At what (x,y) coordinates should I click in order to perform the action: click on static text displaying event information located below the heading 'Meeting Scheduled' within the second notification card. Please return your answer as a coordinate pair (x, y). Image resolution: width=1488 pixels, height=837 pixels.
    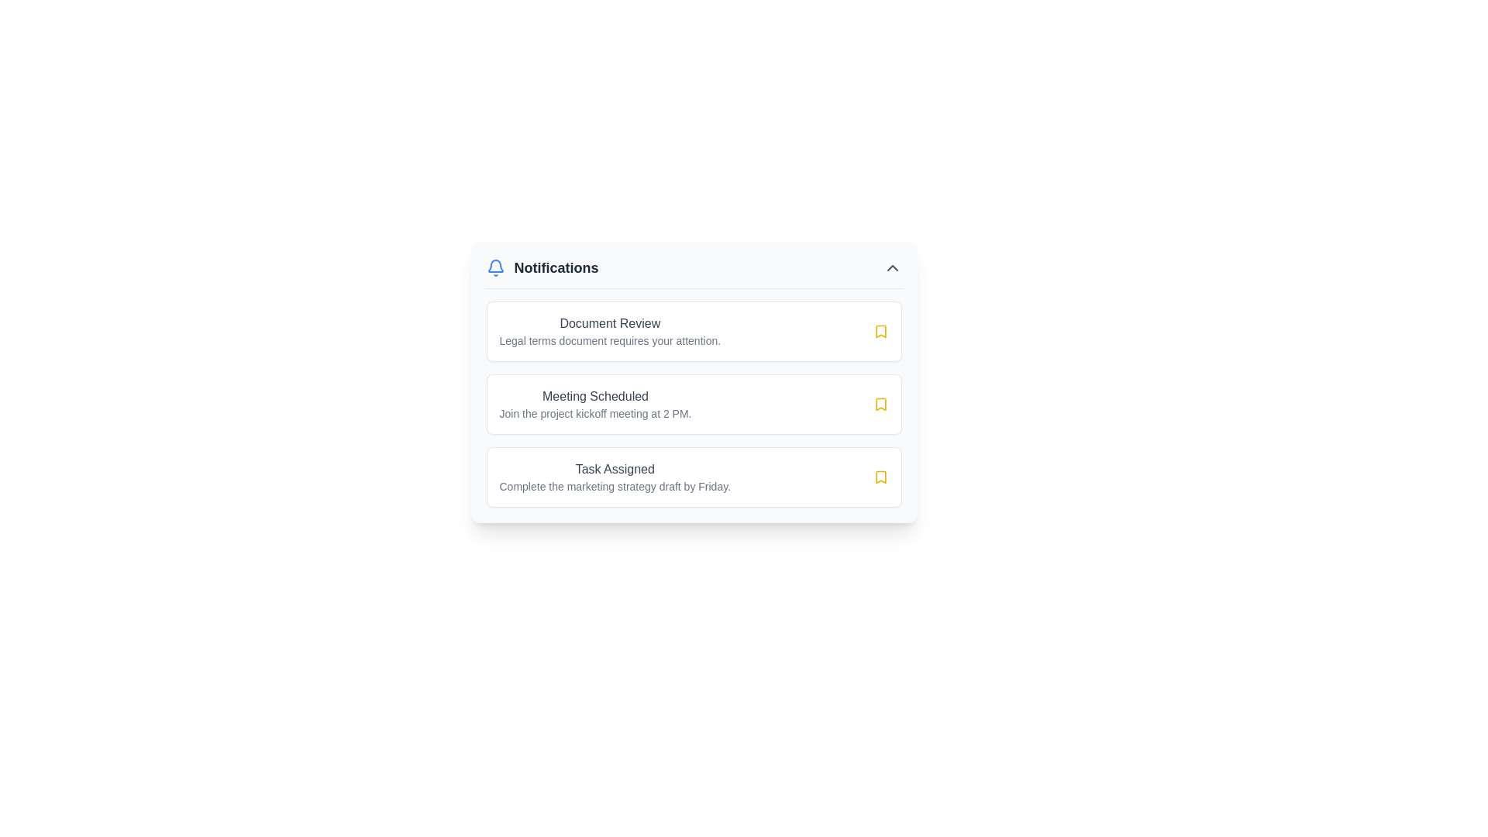
    Looking at the image, I should click on (594, 412).